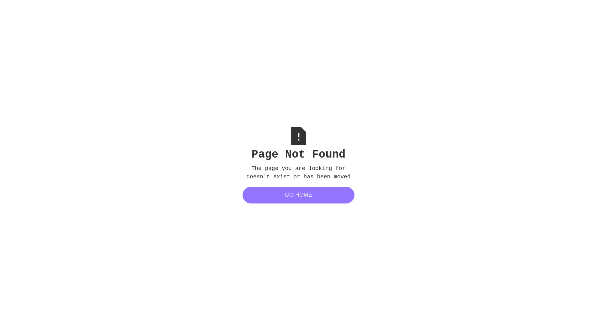 This screenshot has width=597, height=335. Describe the element at coordinates (298, 194) in the screenshot. I see `'GO HOME'` at that location.